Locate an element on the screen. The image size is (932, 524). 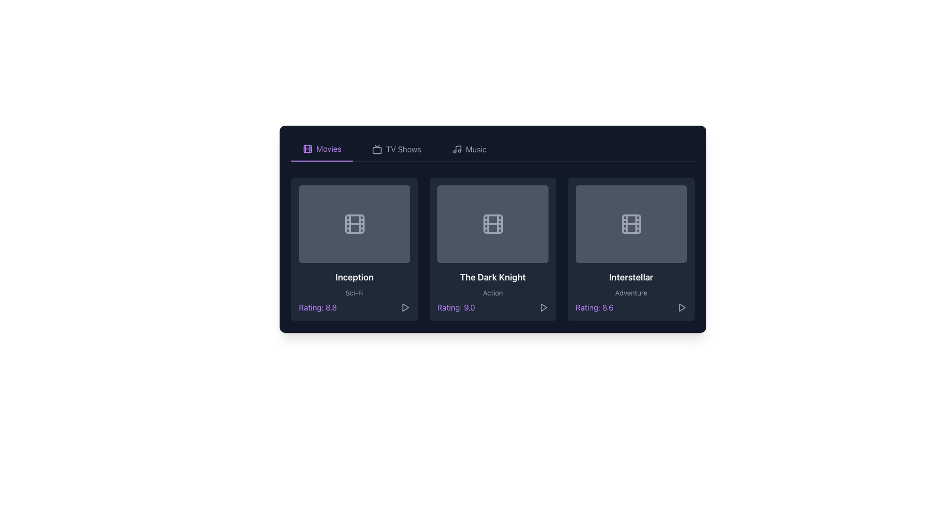
the movie card titled 'Interstellar', which is the third card in the grid within the 'Movies' section is located at coordinates (631, 248).